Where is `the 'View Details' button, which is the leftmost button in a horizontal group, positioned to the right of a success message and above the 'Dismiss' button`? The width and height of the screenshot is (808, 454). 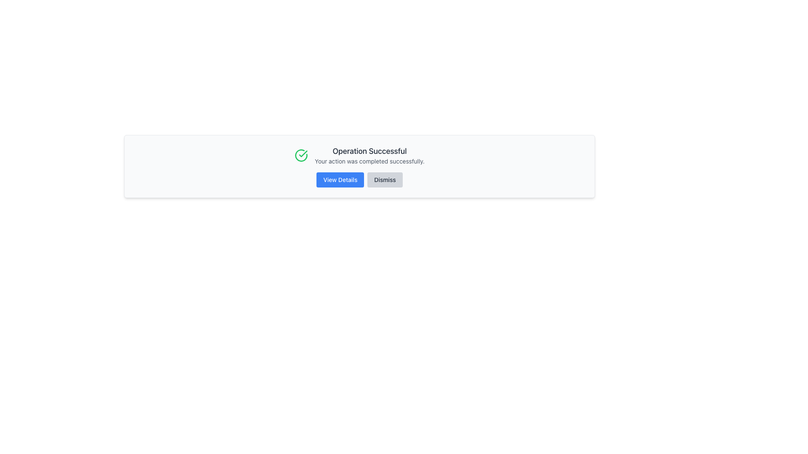
the 'View Details' button, which is the leftmost button in a horizontal group, positioned to the right of a success message and above the 'Dismiss' button is located at coordinates (340, 179).